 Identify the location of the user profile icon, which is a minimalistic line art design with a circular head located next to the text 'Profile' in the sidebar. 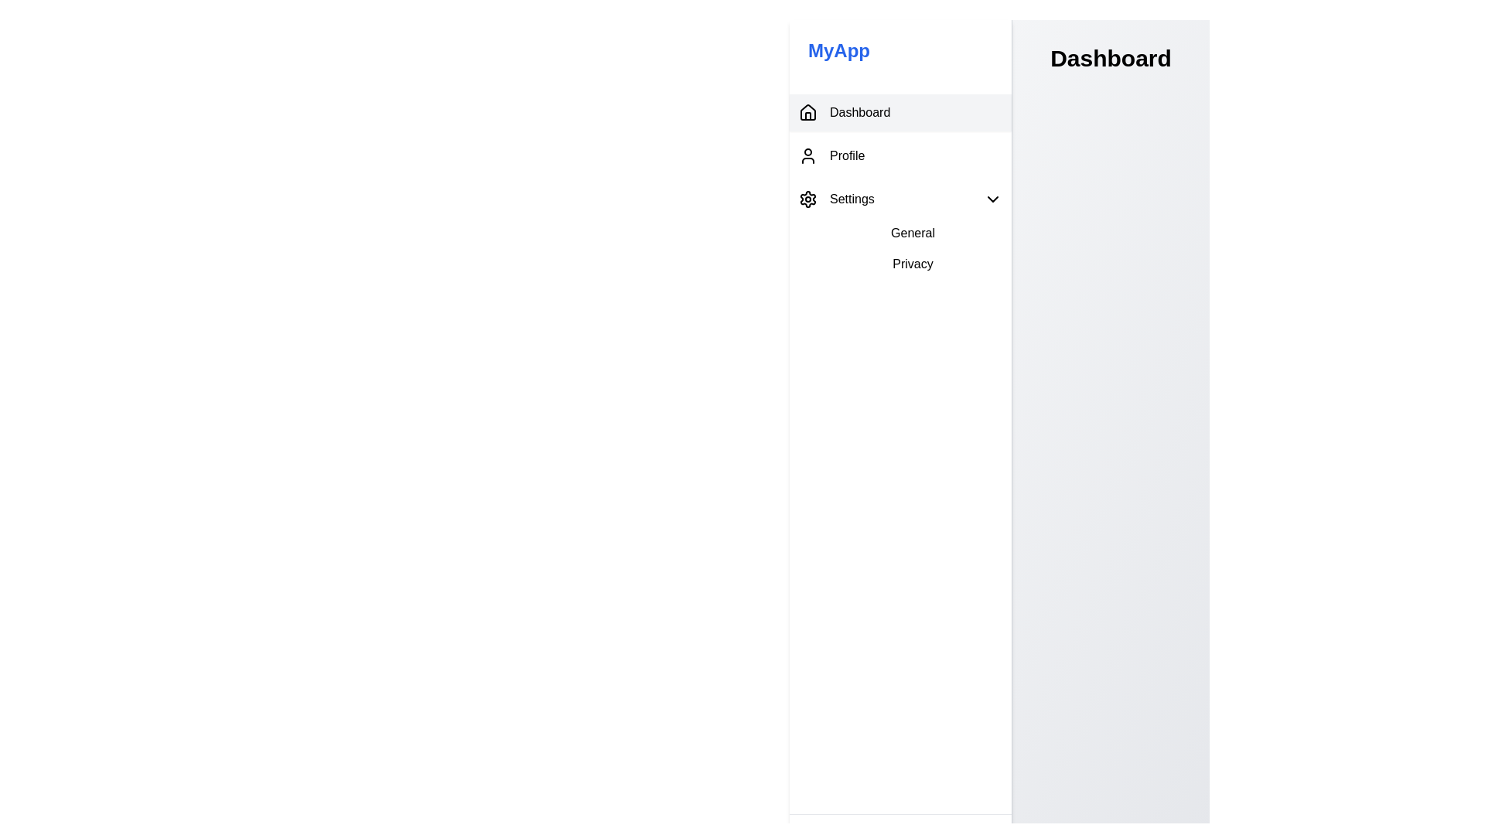
(807, 155).